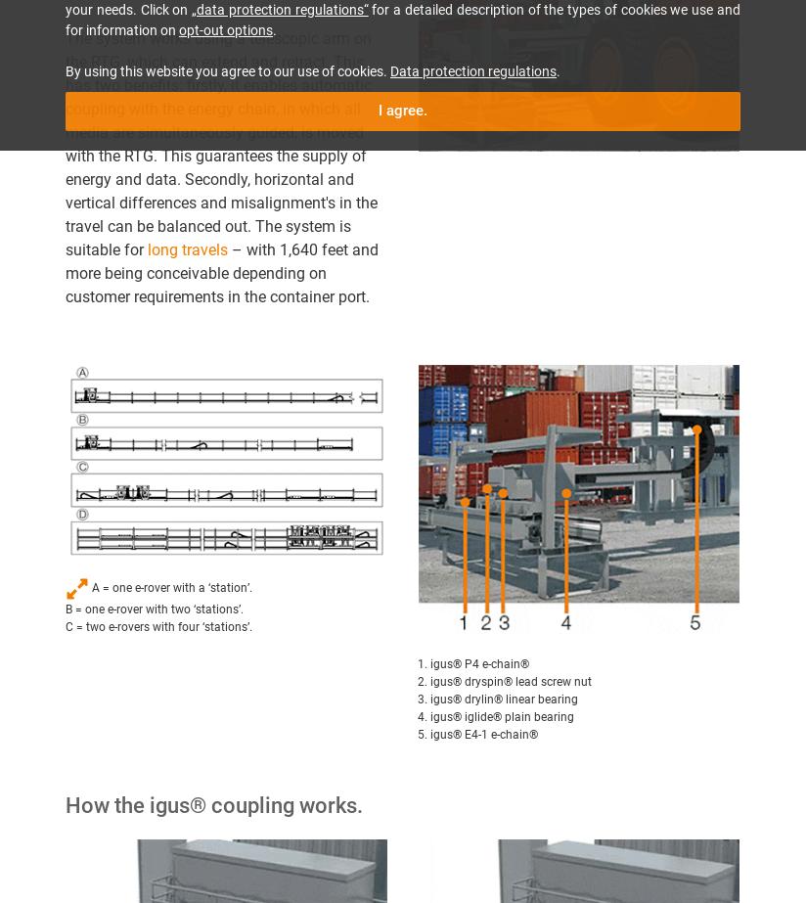  What do you see at coordinates (65, 609) in the screenshot?
I see `'B = one e-rover with two ‘stations’.'` at bounding box center [65, 609].